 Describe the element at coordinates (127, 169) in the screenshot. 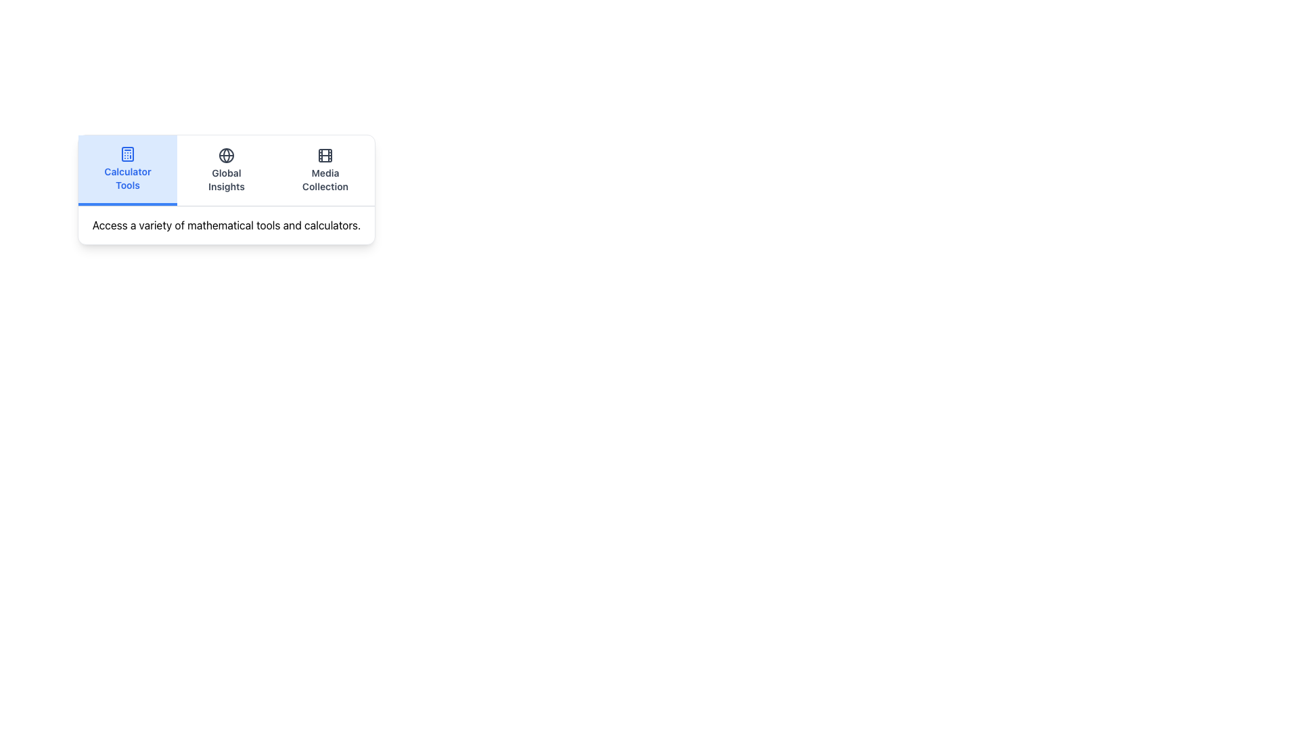

I see `the 'Calculator Tools' element, which features a calculator icon above the text label` at that location.